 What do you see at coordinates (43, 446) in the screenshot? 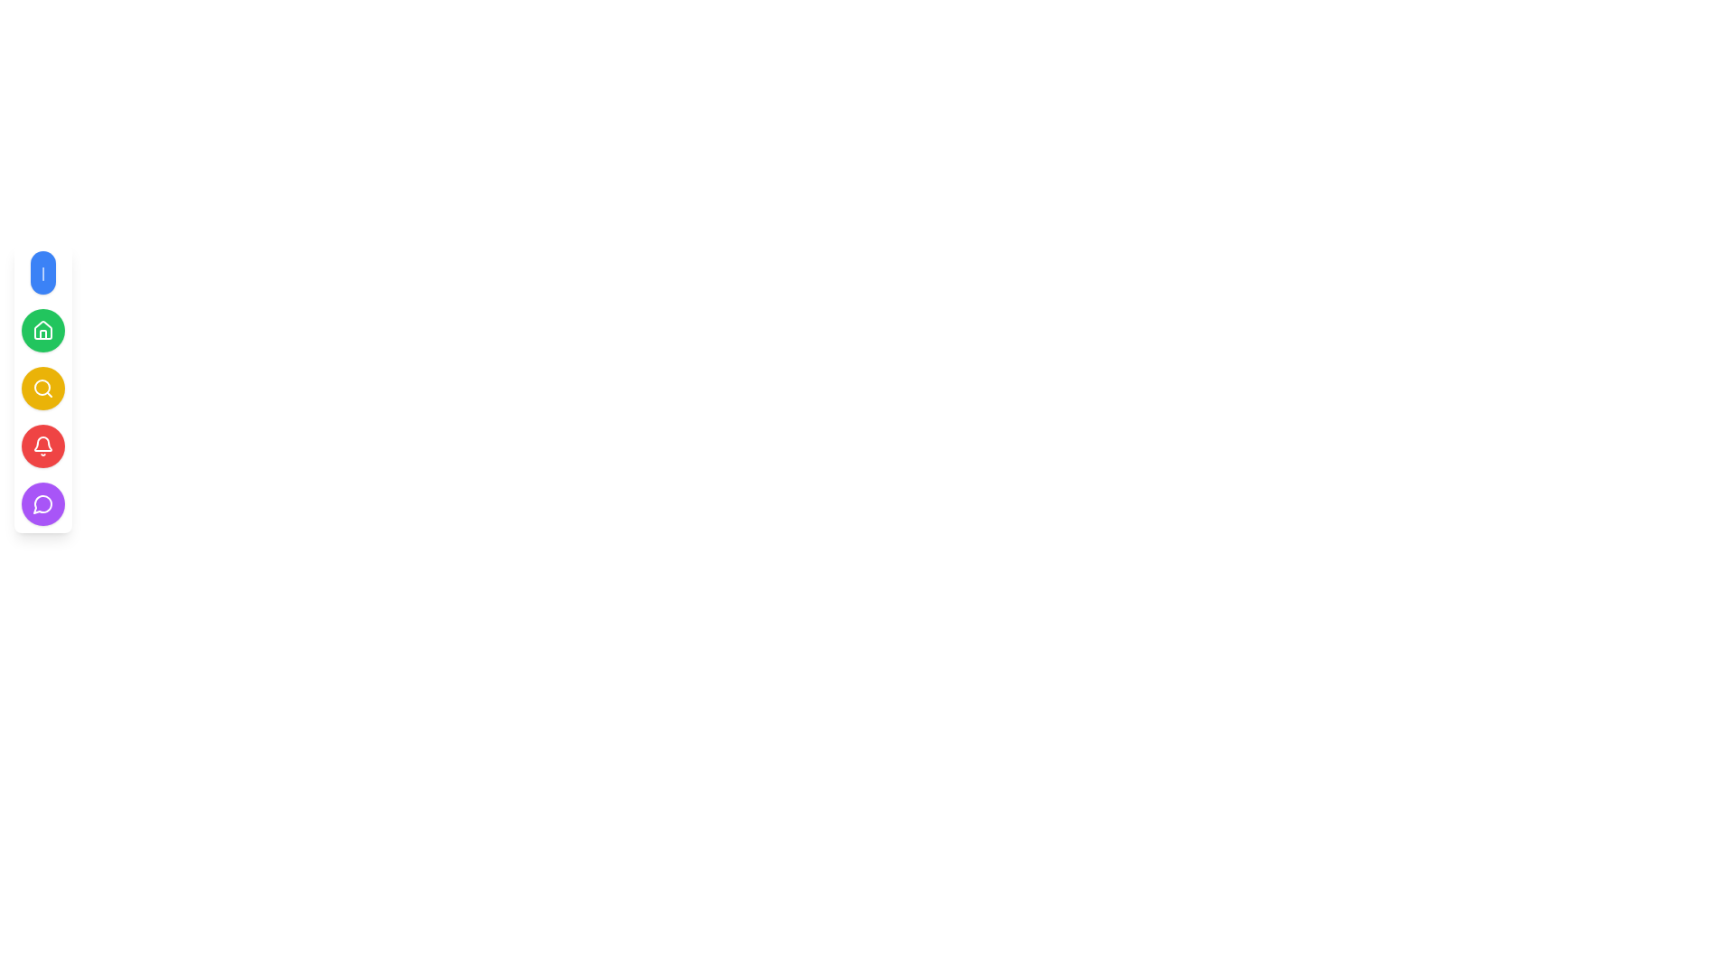
I see `the circular red button with a white bell icon, which is the fourth button in a vertical list of similarly styled buttons` at bounding box center [43, 446].